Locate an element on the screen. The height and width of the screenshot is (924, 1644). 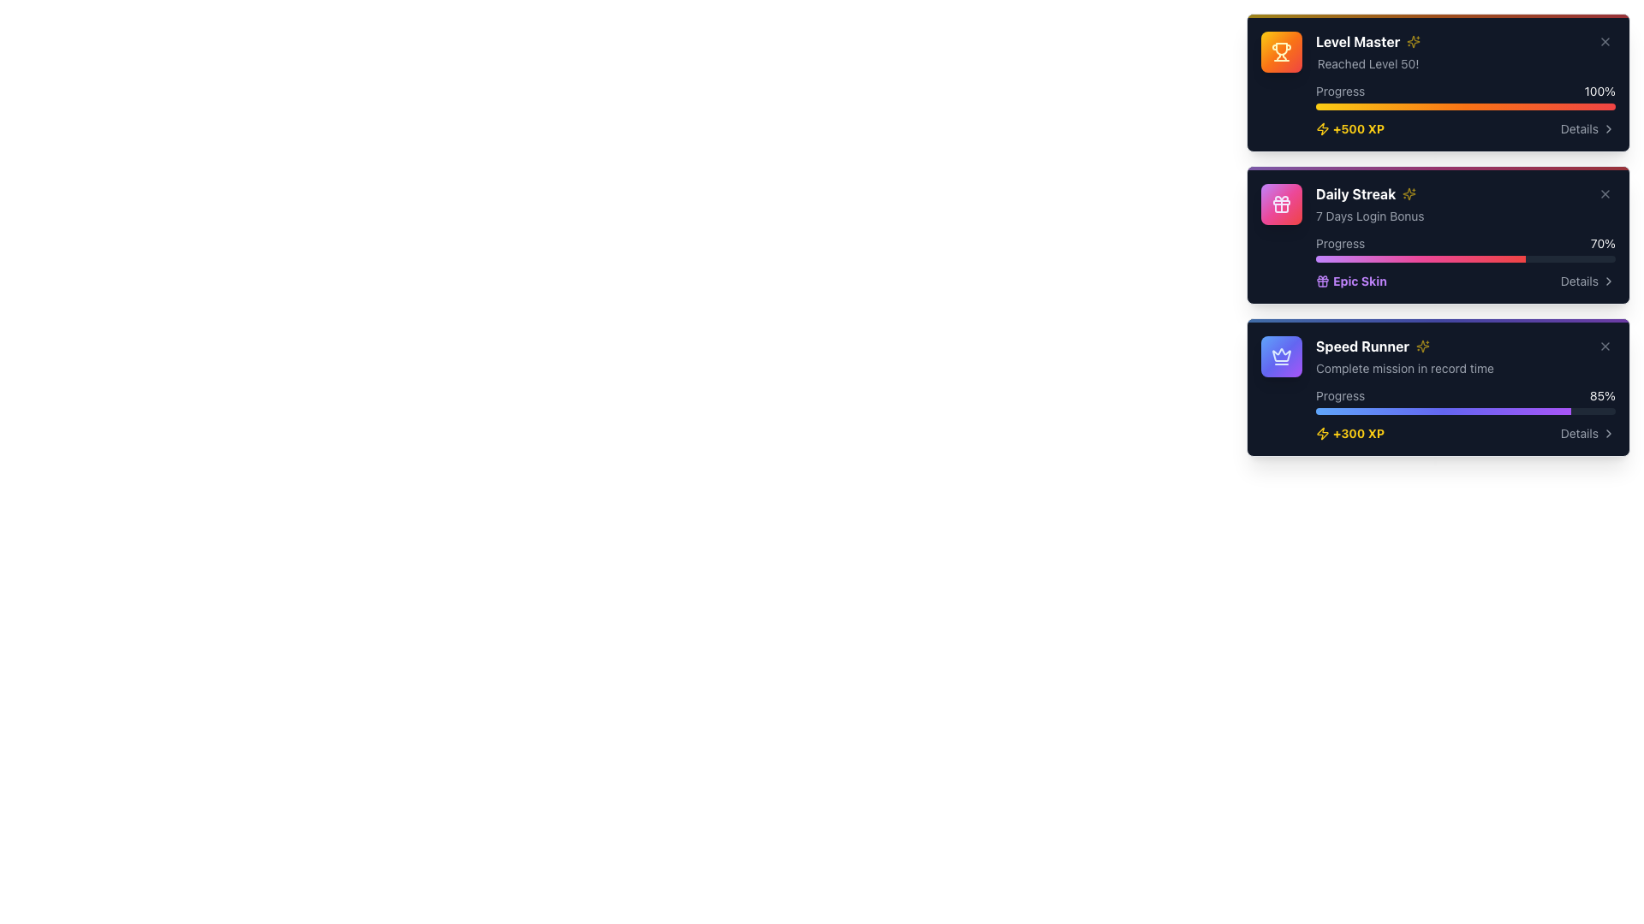
progress and XP details from the 'Speed Runner' task card, which is the third card in a vertical stack located at the bottom of the stack is located at coordinates (1438, 387).